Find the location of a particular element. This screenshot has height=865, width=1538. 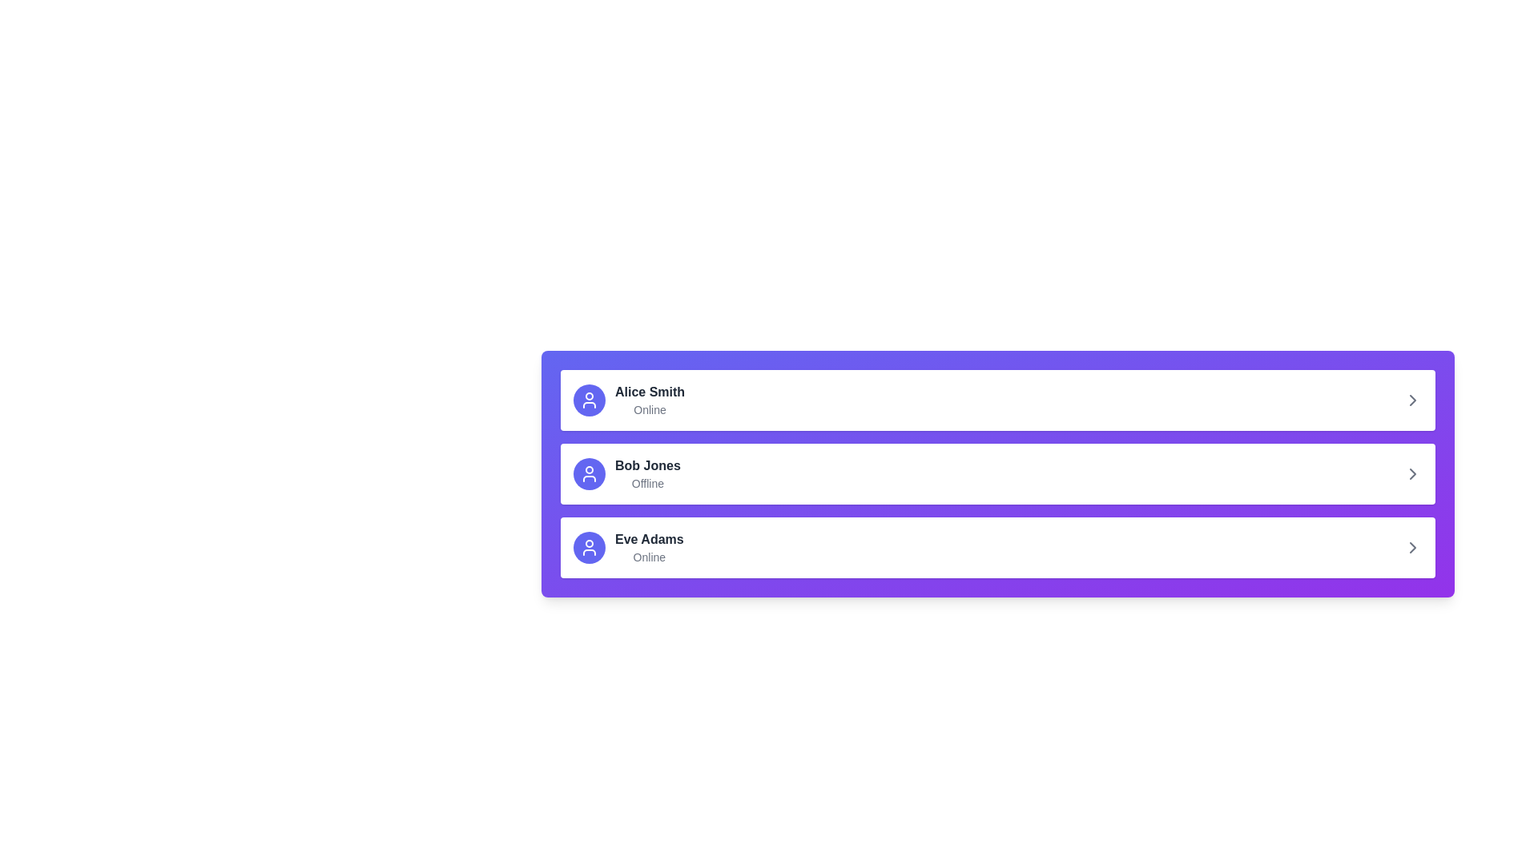

the icon located in the rightmost section of the first list item, which features 'Alice Smith' and the status 'Online' is located at coordinates (1412, 400).